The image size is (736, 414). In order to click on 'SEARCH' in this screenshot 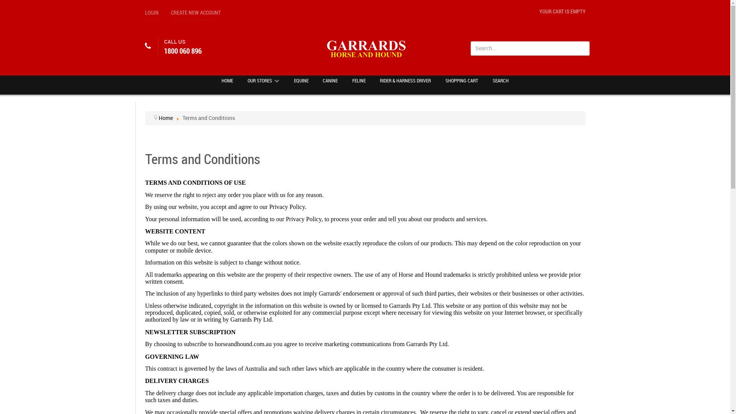, I will do `click(500, 80)`.